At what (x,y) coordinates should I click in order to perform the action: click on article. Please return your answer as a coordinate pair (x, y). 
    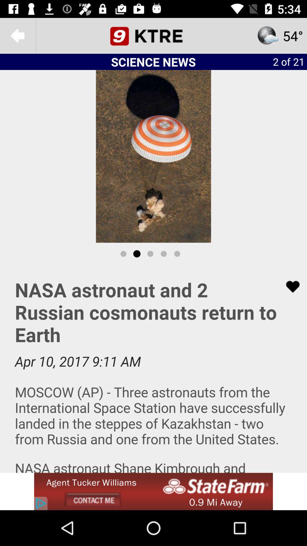
    Looking at the image, I should click on (153, 369).